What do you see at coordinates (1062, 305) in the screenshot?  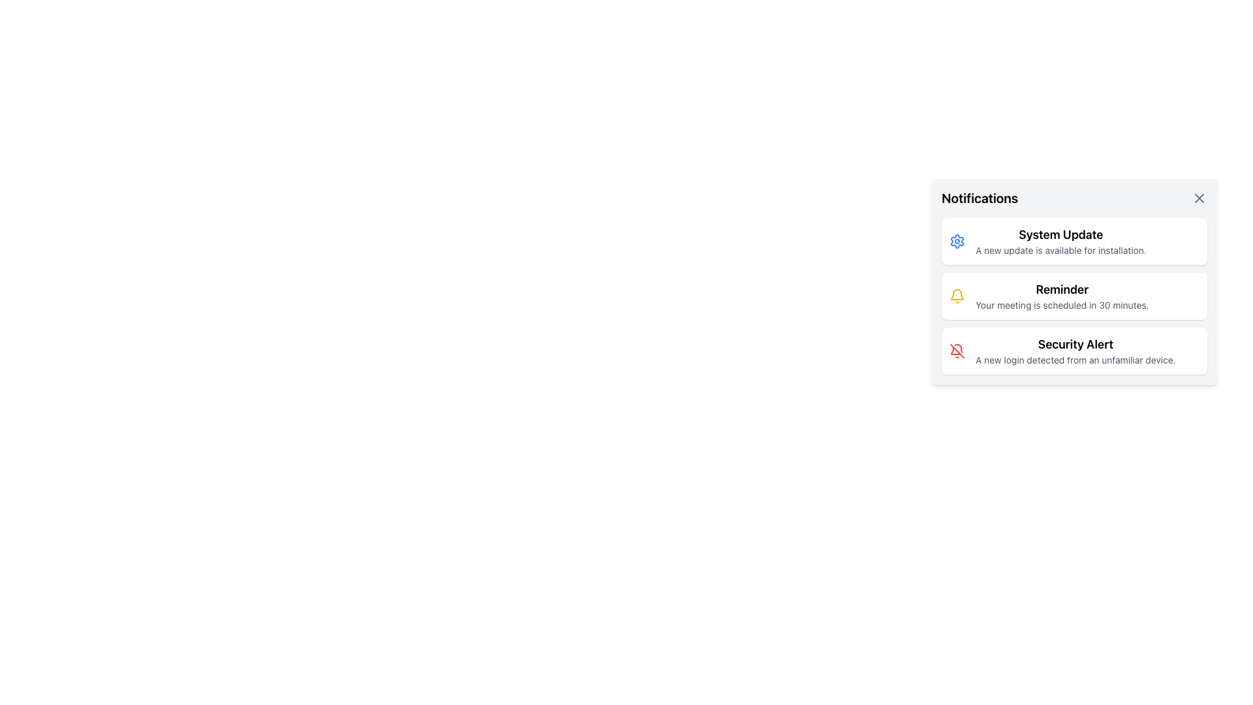 I see `the Text Display element that informs the user about the timing of a scheduled meeting, located below the 'Reminder' heading in the middle notification section` at bounding box center [1062, 305].